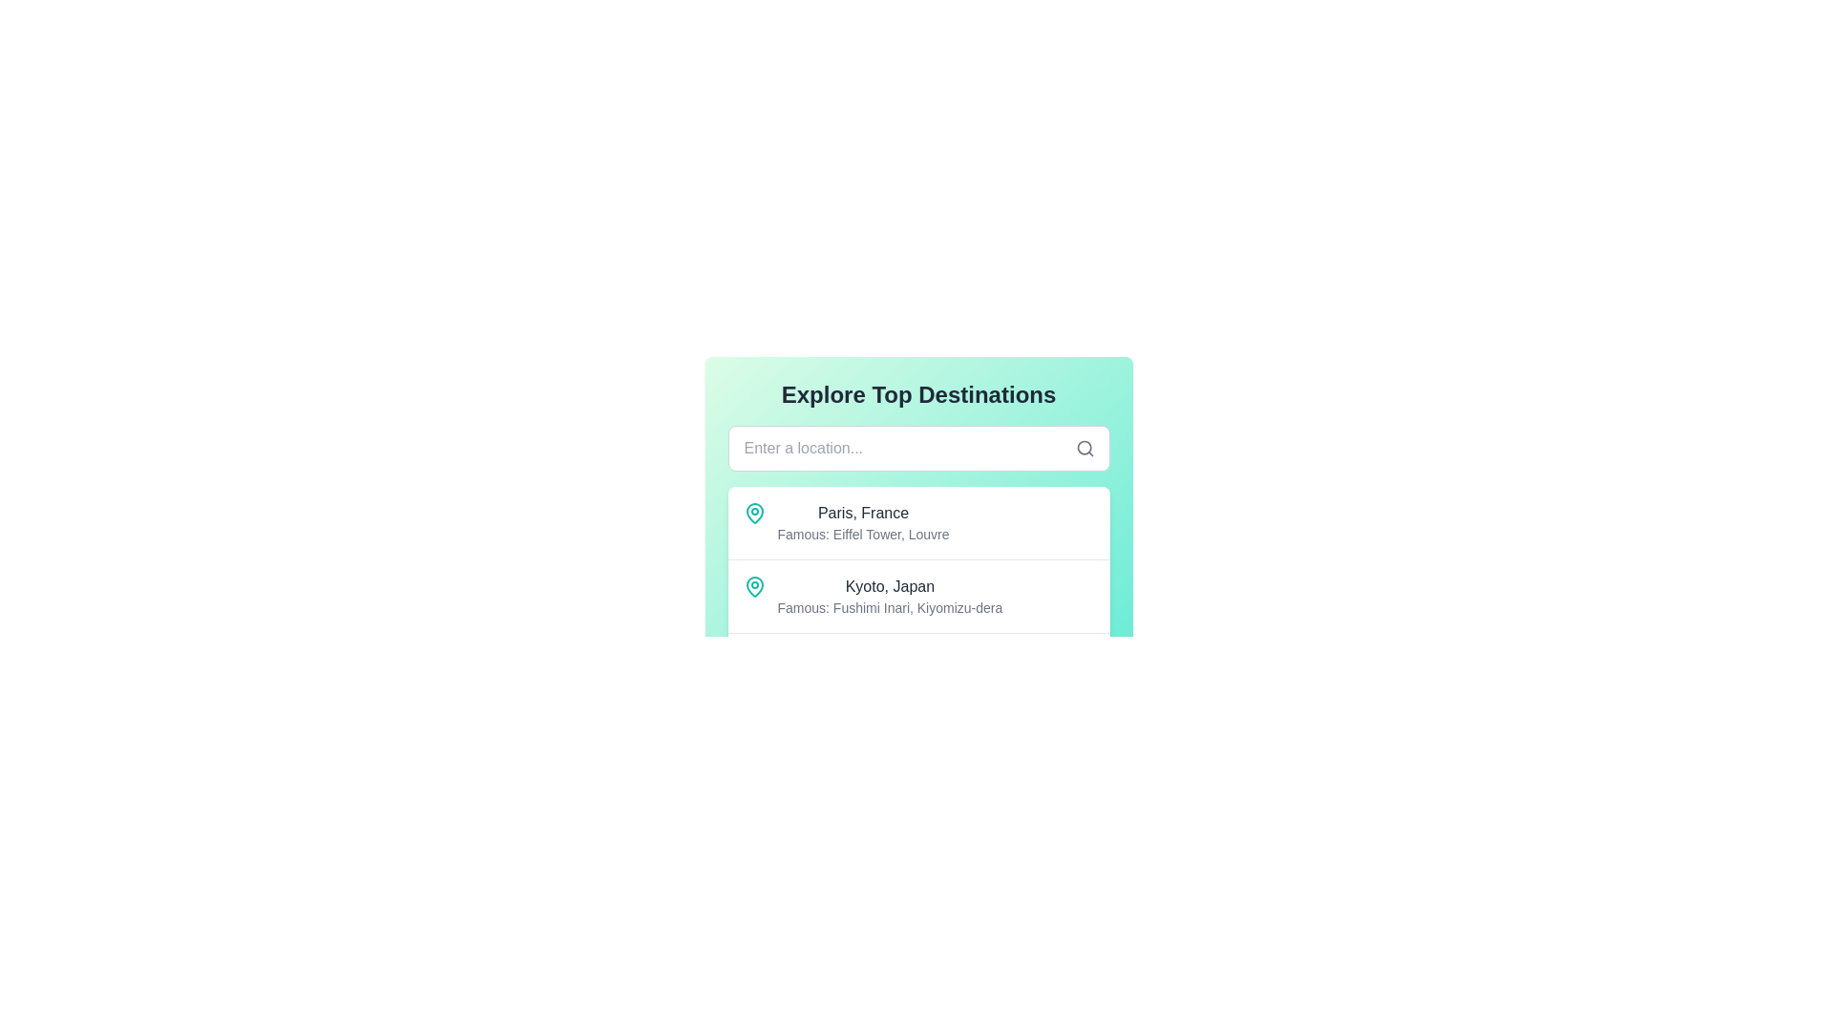 The height and width of the screenshot is (1031, 1833). Describe the element at coordinates (889, 607) in the screenshot. I see `the text label displaying 'Famous: Fushimi Inari, Kiyomizu-dera', which is styled with a small gray font and positioned below the heading 'Kyoto, Japan'` at that location.